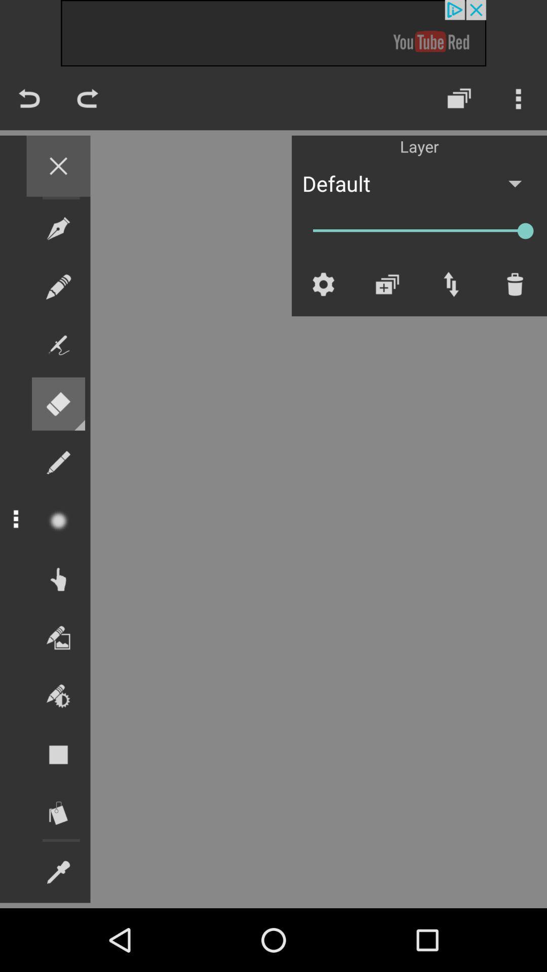  I want to click on the delete icon, so click(515, 283).